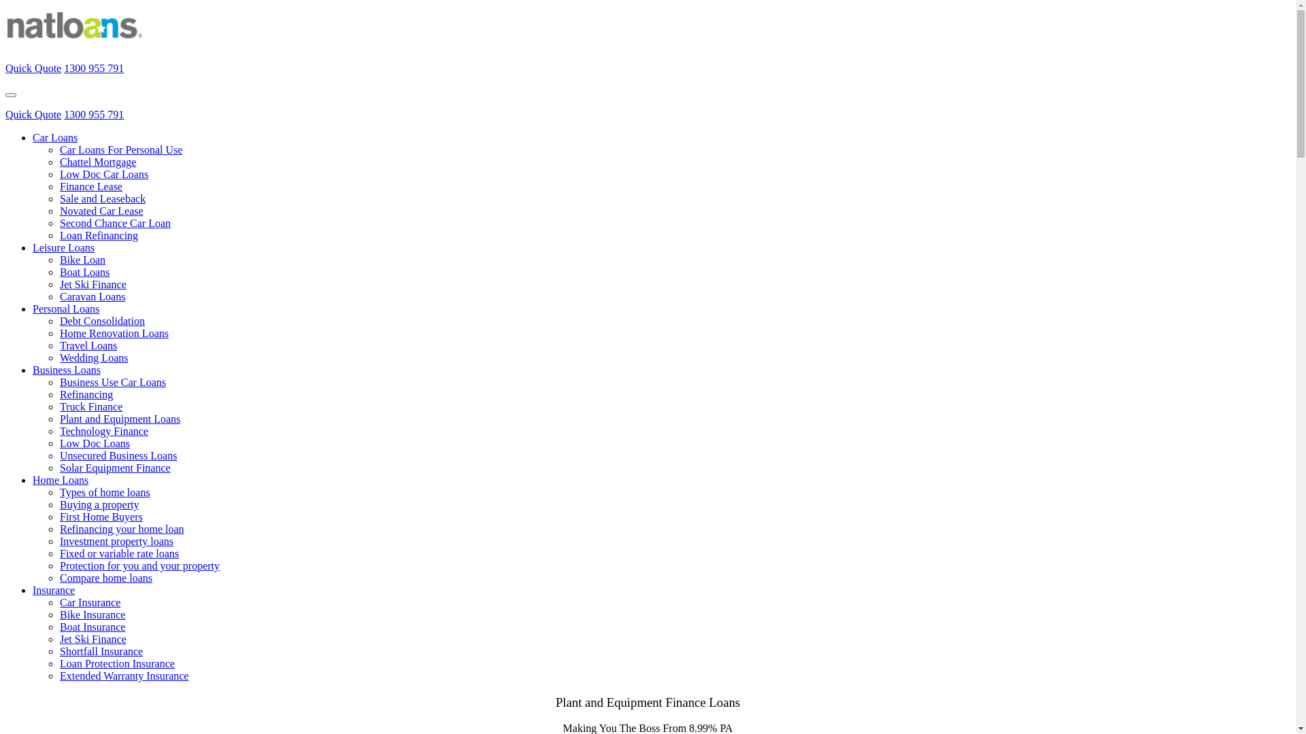 The height and width of the screenshot is (734, 1306). Describe the element at coordinates (115, 222) in the screenshot. I see `'Second Chance Car Loan'` at that location.